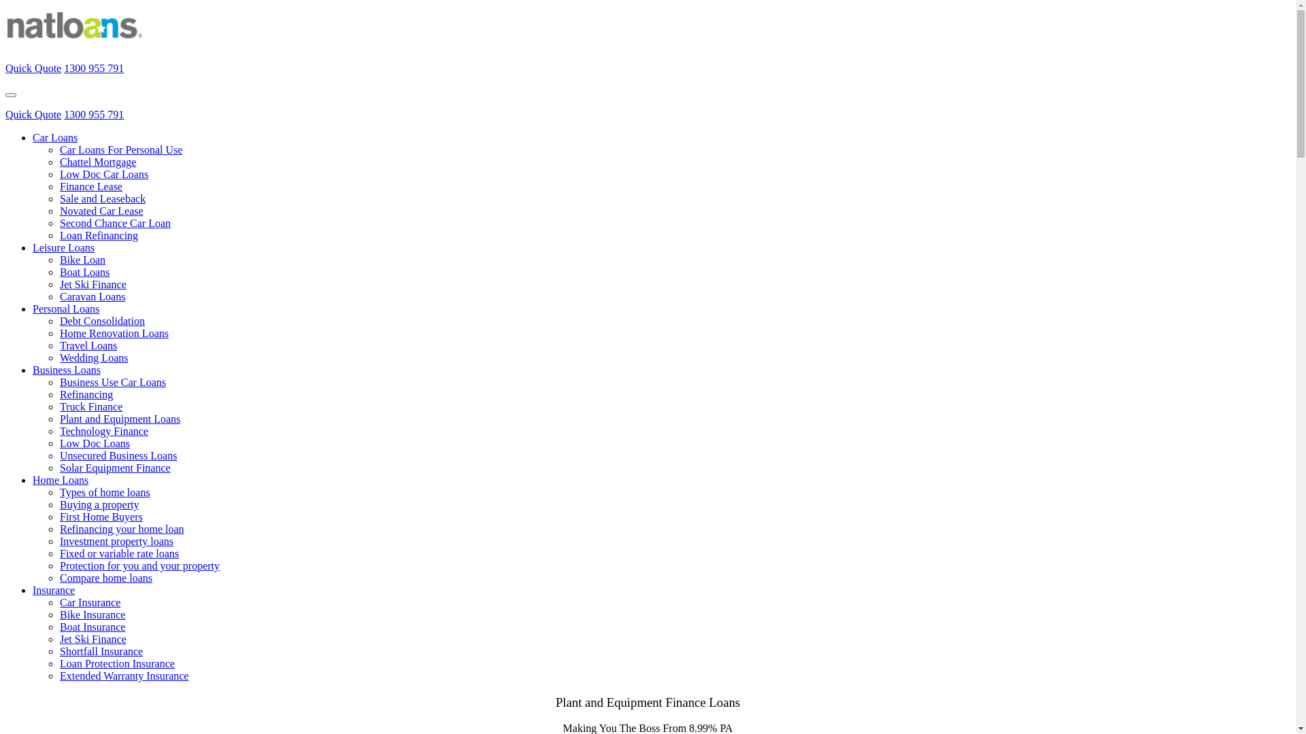 The height and width of the screenshot is (734, 1306). Describe the element at coordinates (115, 222) in the screenshot. I see `'Second Chance Car Loan'` at that location.